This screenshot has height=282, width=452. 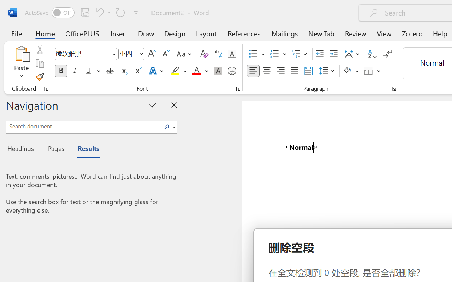 What do you see at coordinates (238, 88) in the screenshot?
I see `'Font...'` at bounding box center [238, 88].